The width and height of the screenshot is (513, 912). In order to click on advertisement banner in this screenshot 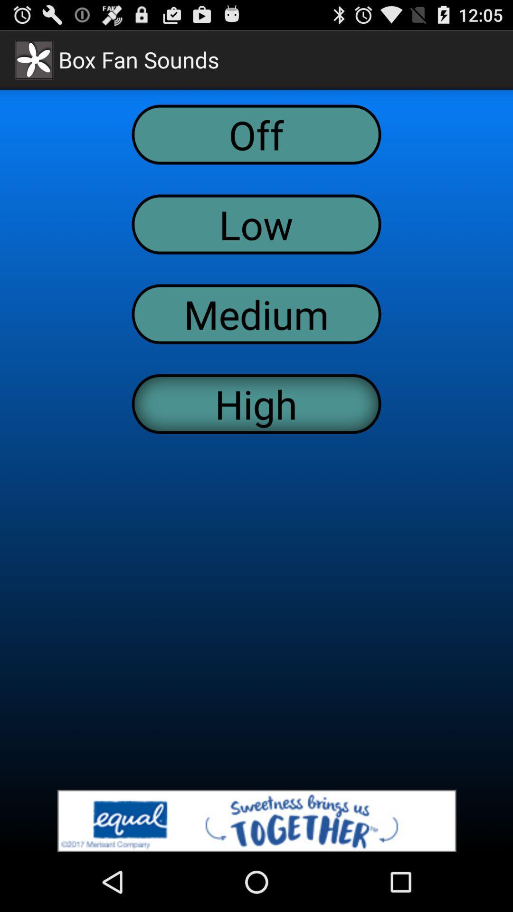, I will do `click(256, 820)`.